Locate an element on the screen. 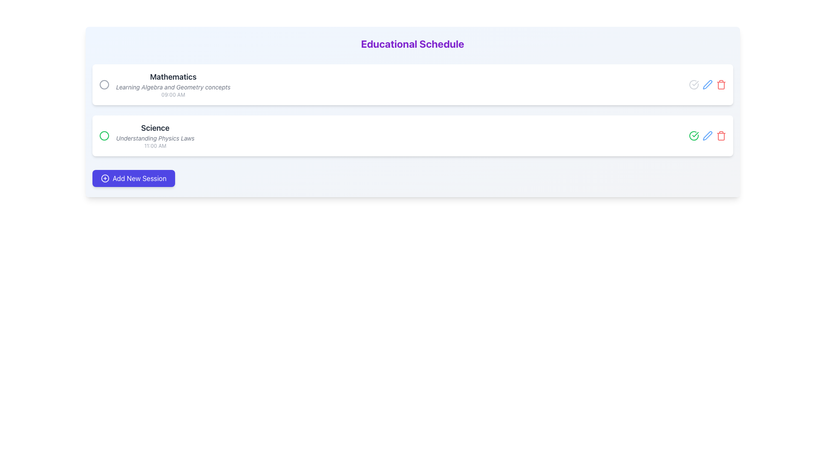 This screenshot has width=818, height=460. the status of the graphical icon located to the left of the 'Science' session title in the educational schedules list is located at coordinates (104, 135).